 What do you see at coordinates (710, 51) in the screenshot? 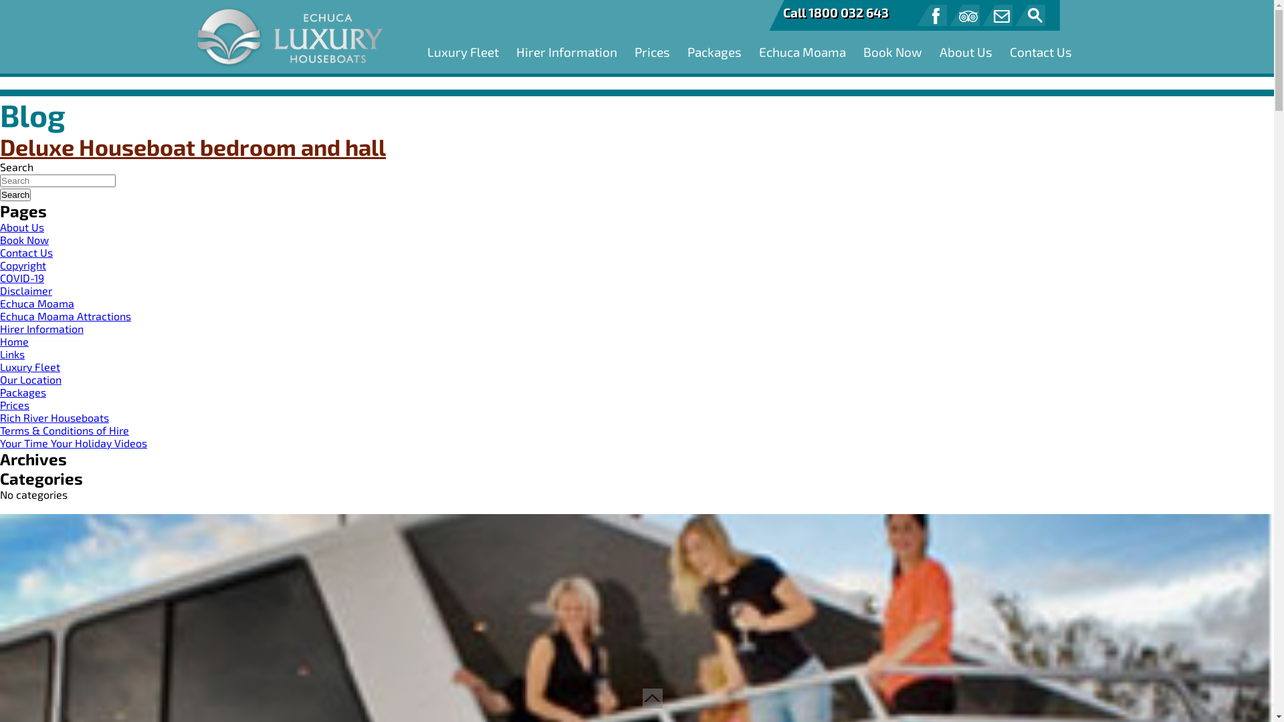
I see `'Packages'` at bounding box center [710, 51].